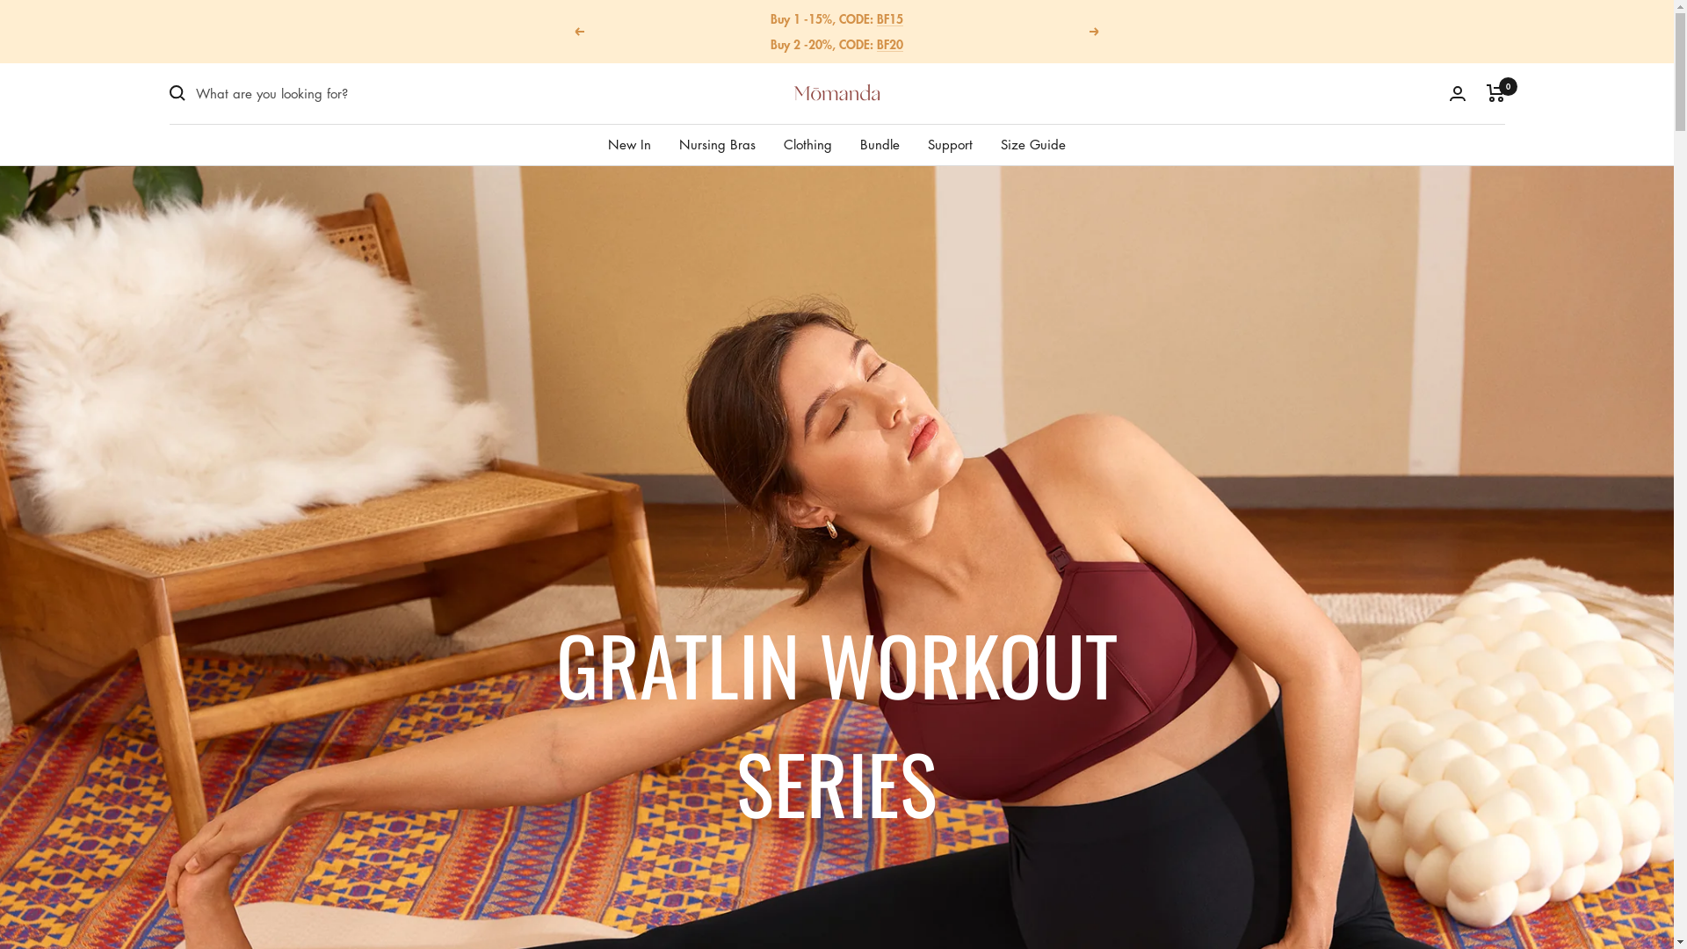  I want to click on 'Support', so click(949, 141).